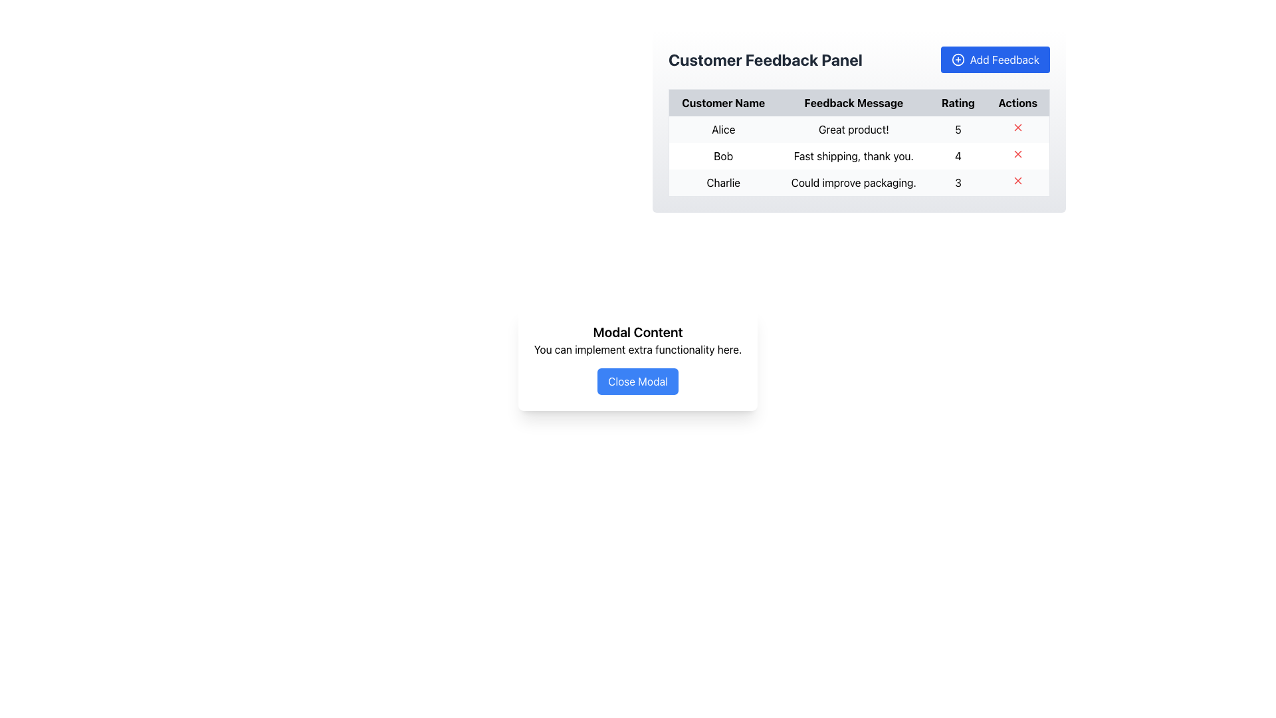  What do you see at coordinates (853, 156) in the screenshot?
I see `the text display that states 'Fast shipping, thank you.' located in the 'Feedback Message' column of the table row for user 'Bob'` at bounding box center [853, 156].